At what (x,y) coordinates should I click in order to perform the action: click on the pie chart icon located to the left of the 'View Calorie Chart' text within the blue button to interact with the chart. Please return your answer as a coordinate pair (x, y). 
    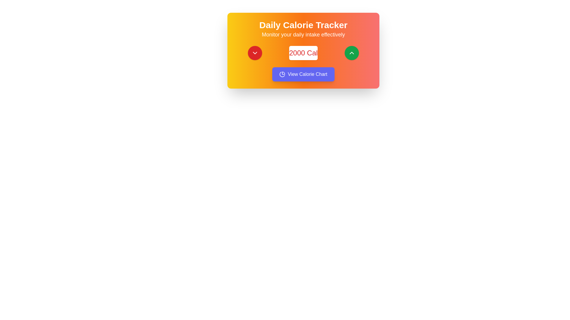
    Looking at the image, I should click on (282, 74).